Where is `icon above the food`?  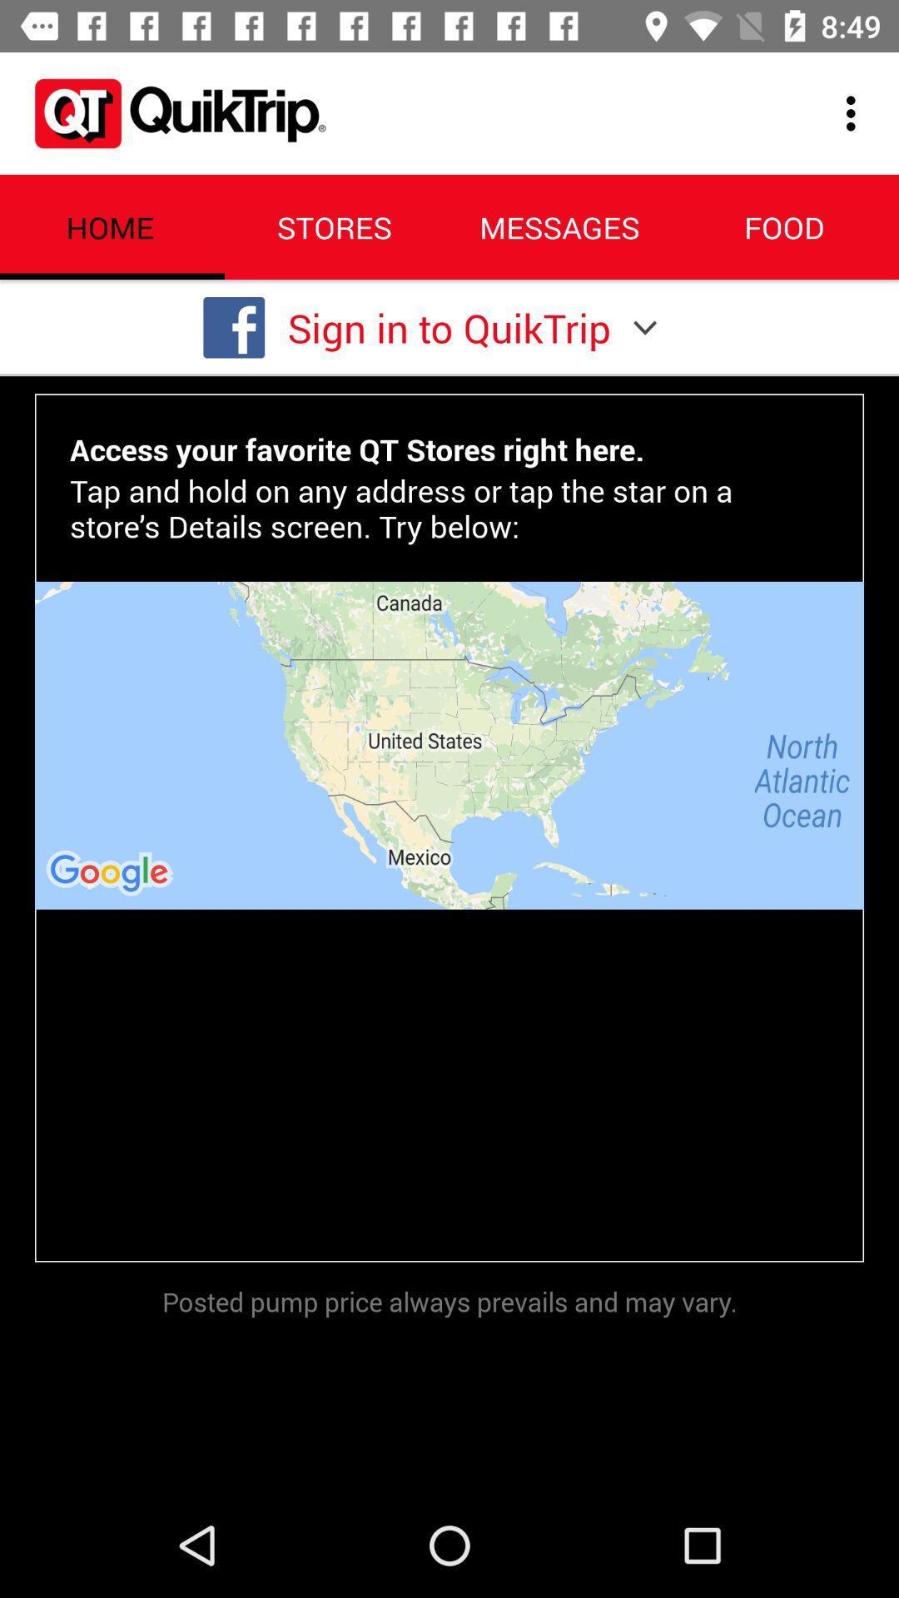
icon above the food is located at coordinates (855, 112).